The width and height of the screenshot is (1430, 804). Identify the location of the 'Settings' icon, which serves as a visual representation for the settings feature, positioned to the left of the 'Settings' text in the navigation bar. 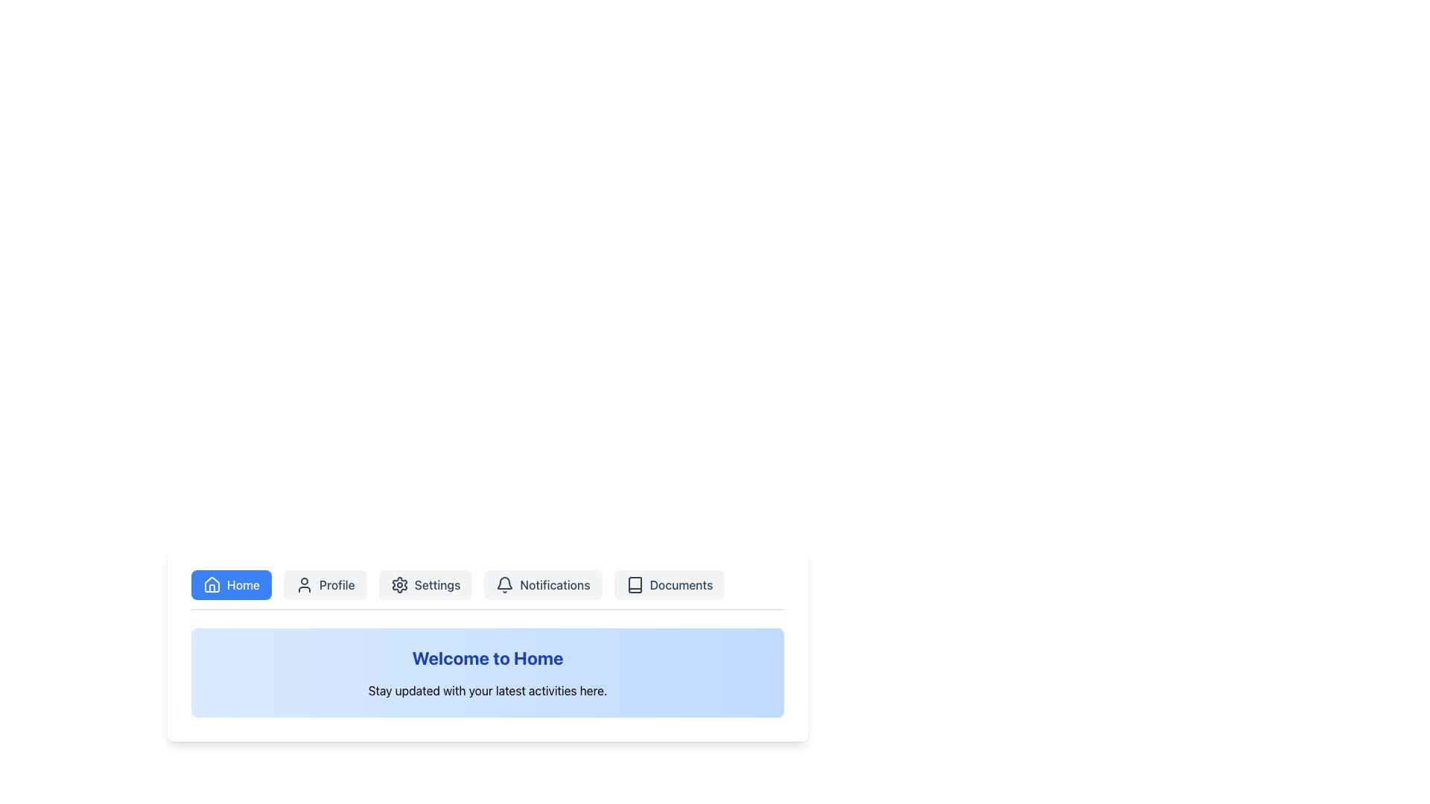
(399, 584).